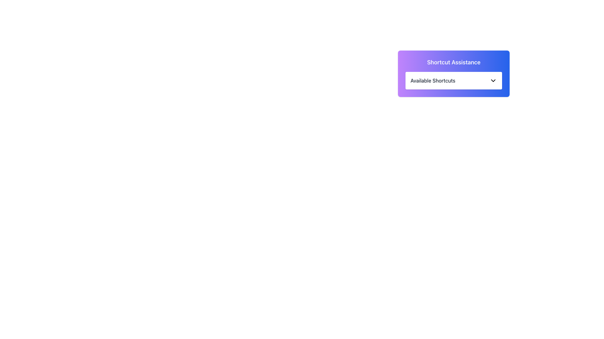  What do you see at coordinates (454, 80) in the screenshot?
I see `the 'Available Shortcuts' label, which is a dark font text within a white rectangular area` at bounding box center [454, 80].